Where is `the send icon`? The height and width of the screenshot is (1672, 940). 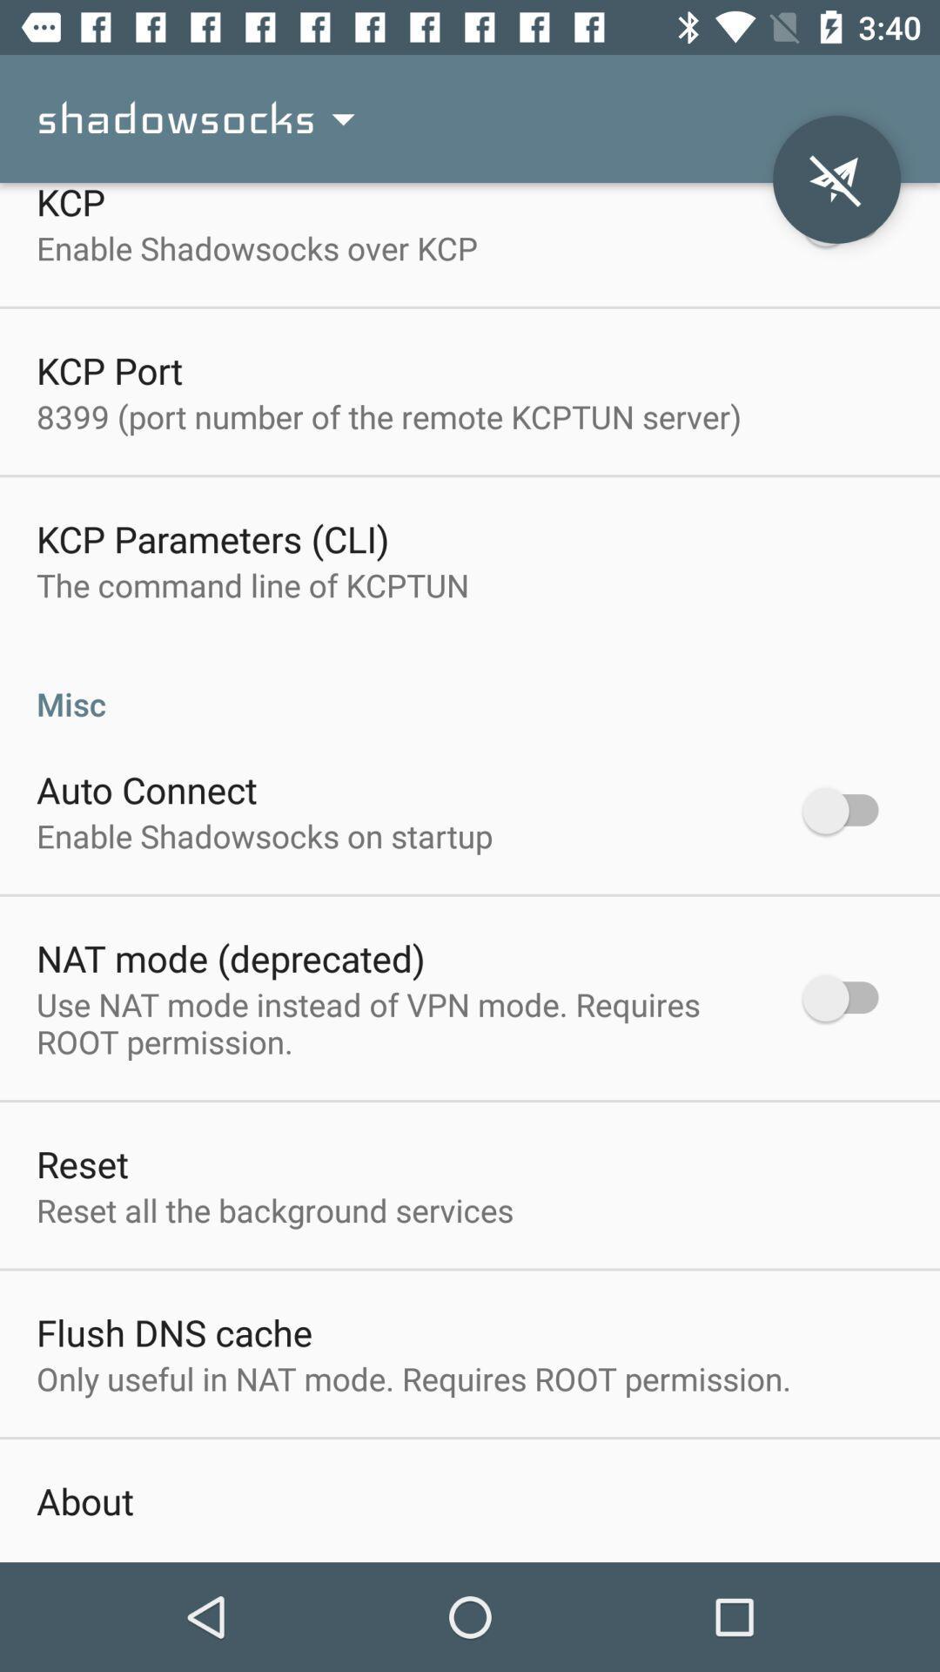
the send icon is located at coordinates (836, 179).